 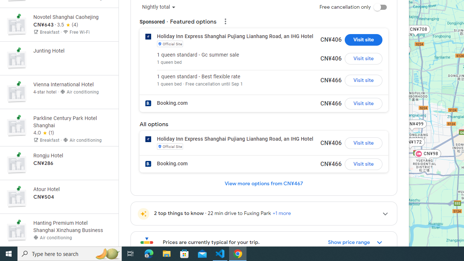 I want to click on '2 top things to know22 min drive to Fuxing Park+1 more', so click(x=263, y=213).